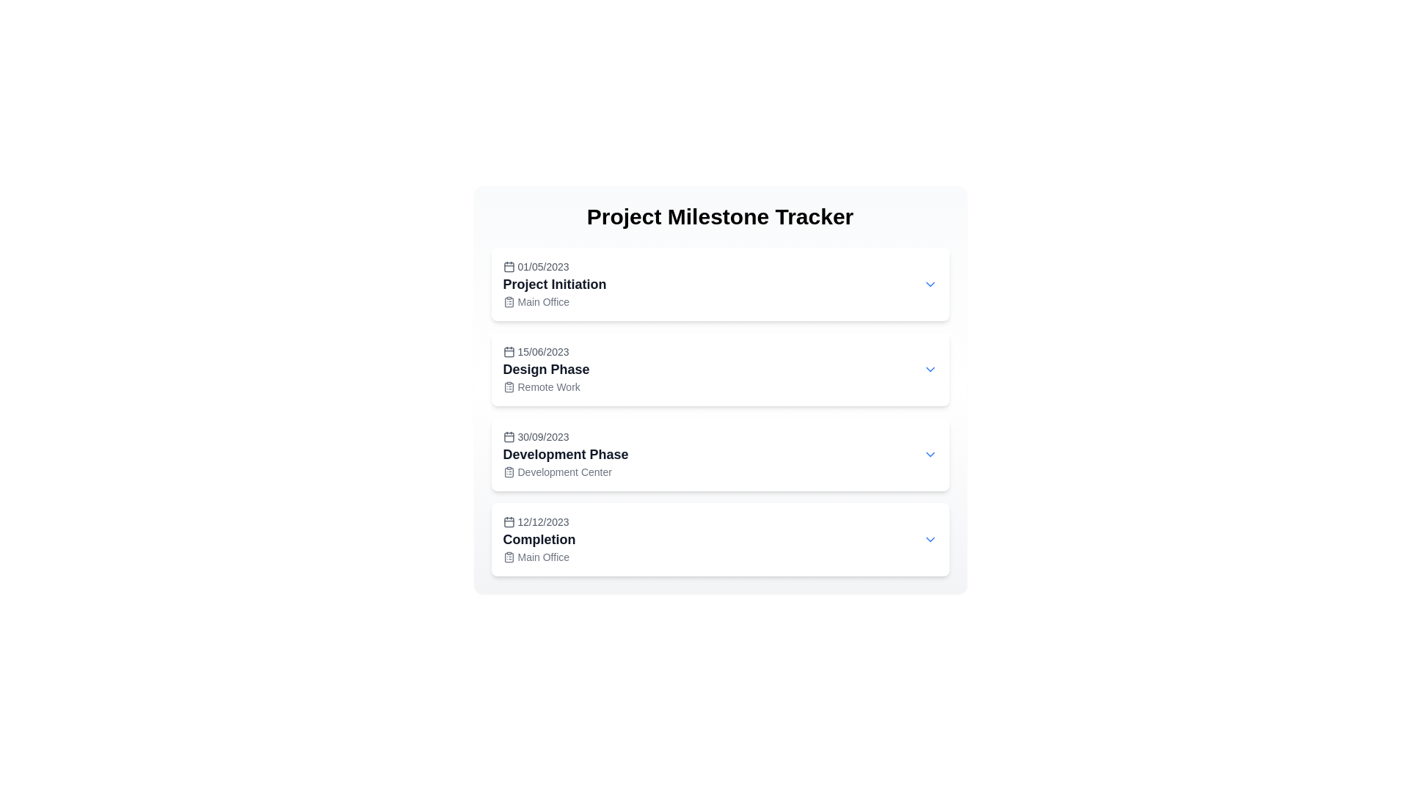 This screenshot has width=1409, height=792. Describe the element at coordinates (565, 454) in the screenshot. I see `information from the third milestone text block in the Project Milestone Tracker, which details the project phase including its title, date, and location` at that location.